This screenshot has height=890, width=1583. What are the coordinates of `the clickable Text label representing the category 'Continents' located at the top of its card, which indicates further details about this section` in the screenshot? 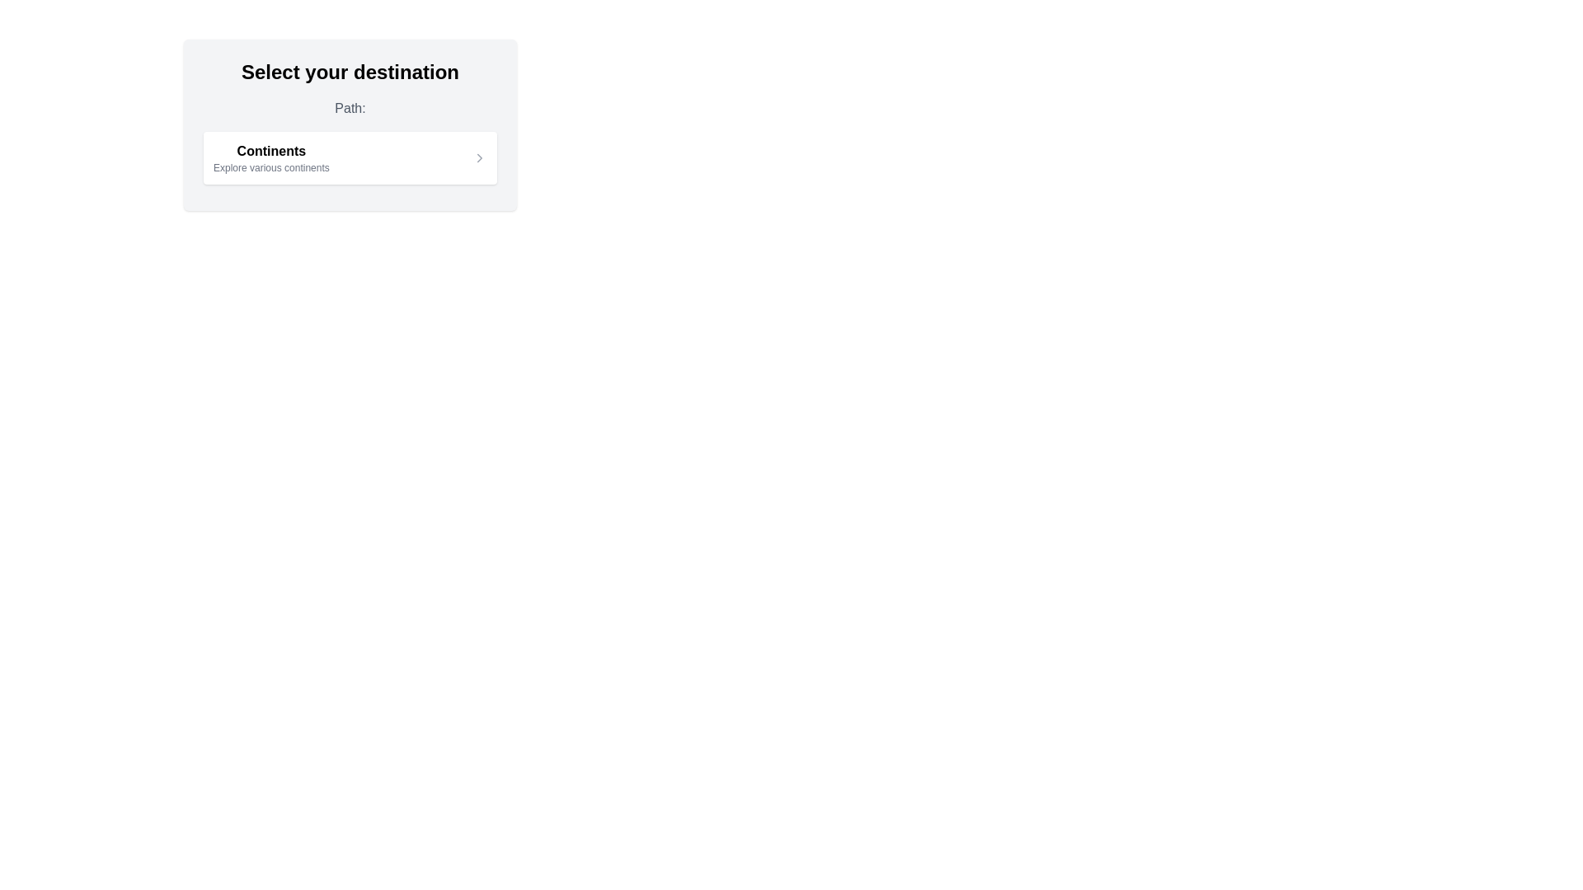 It's located at (271, 152).